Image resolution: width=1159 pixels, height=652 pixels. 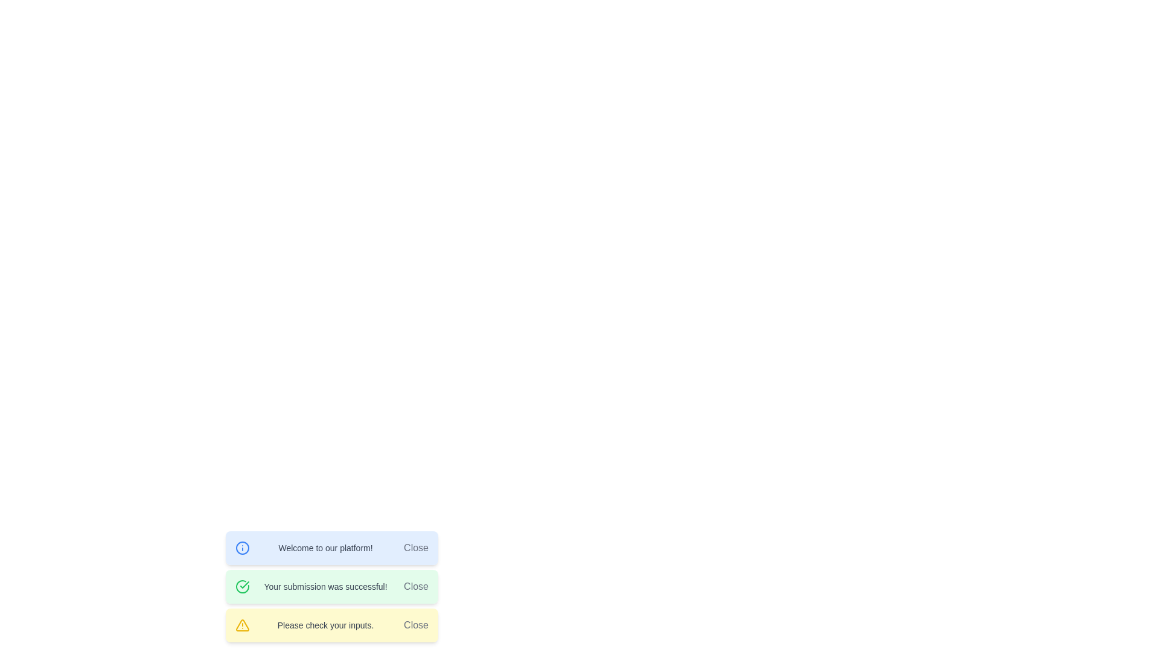 I want to click on the close button located at the far-right end of the notification bar, so click(x=416, y=625).